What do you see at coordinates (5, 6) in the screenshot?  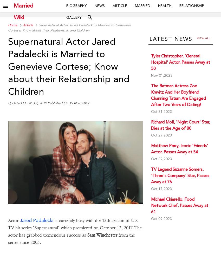 I see `'menu'` at bounding box center [5, 6].